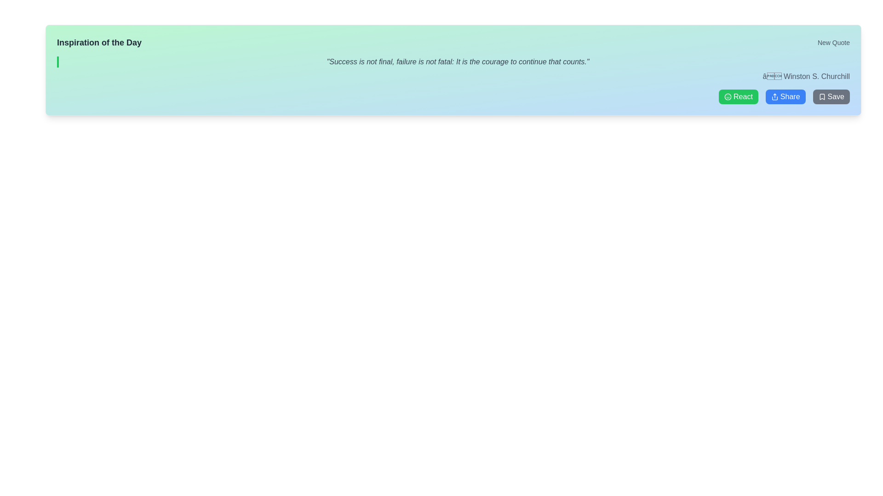 This screenshot has height=496, width=883. What do you see at coordinates (822, 97) in the screenshot?
I see `the bookmark icon located in the top-right section adjacent to 'Winston S. Churchill'` at bounding box center [822, 97].